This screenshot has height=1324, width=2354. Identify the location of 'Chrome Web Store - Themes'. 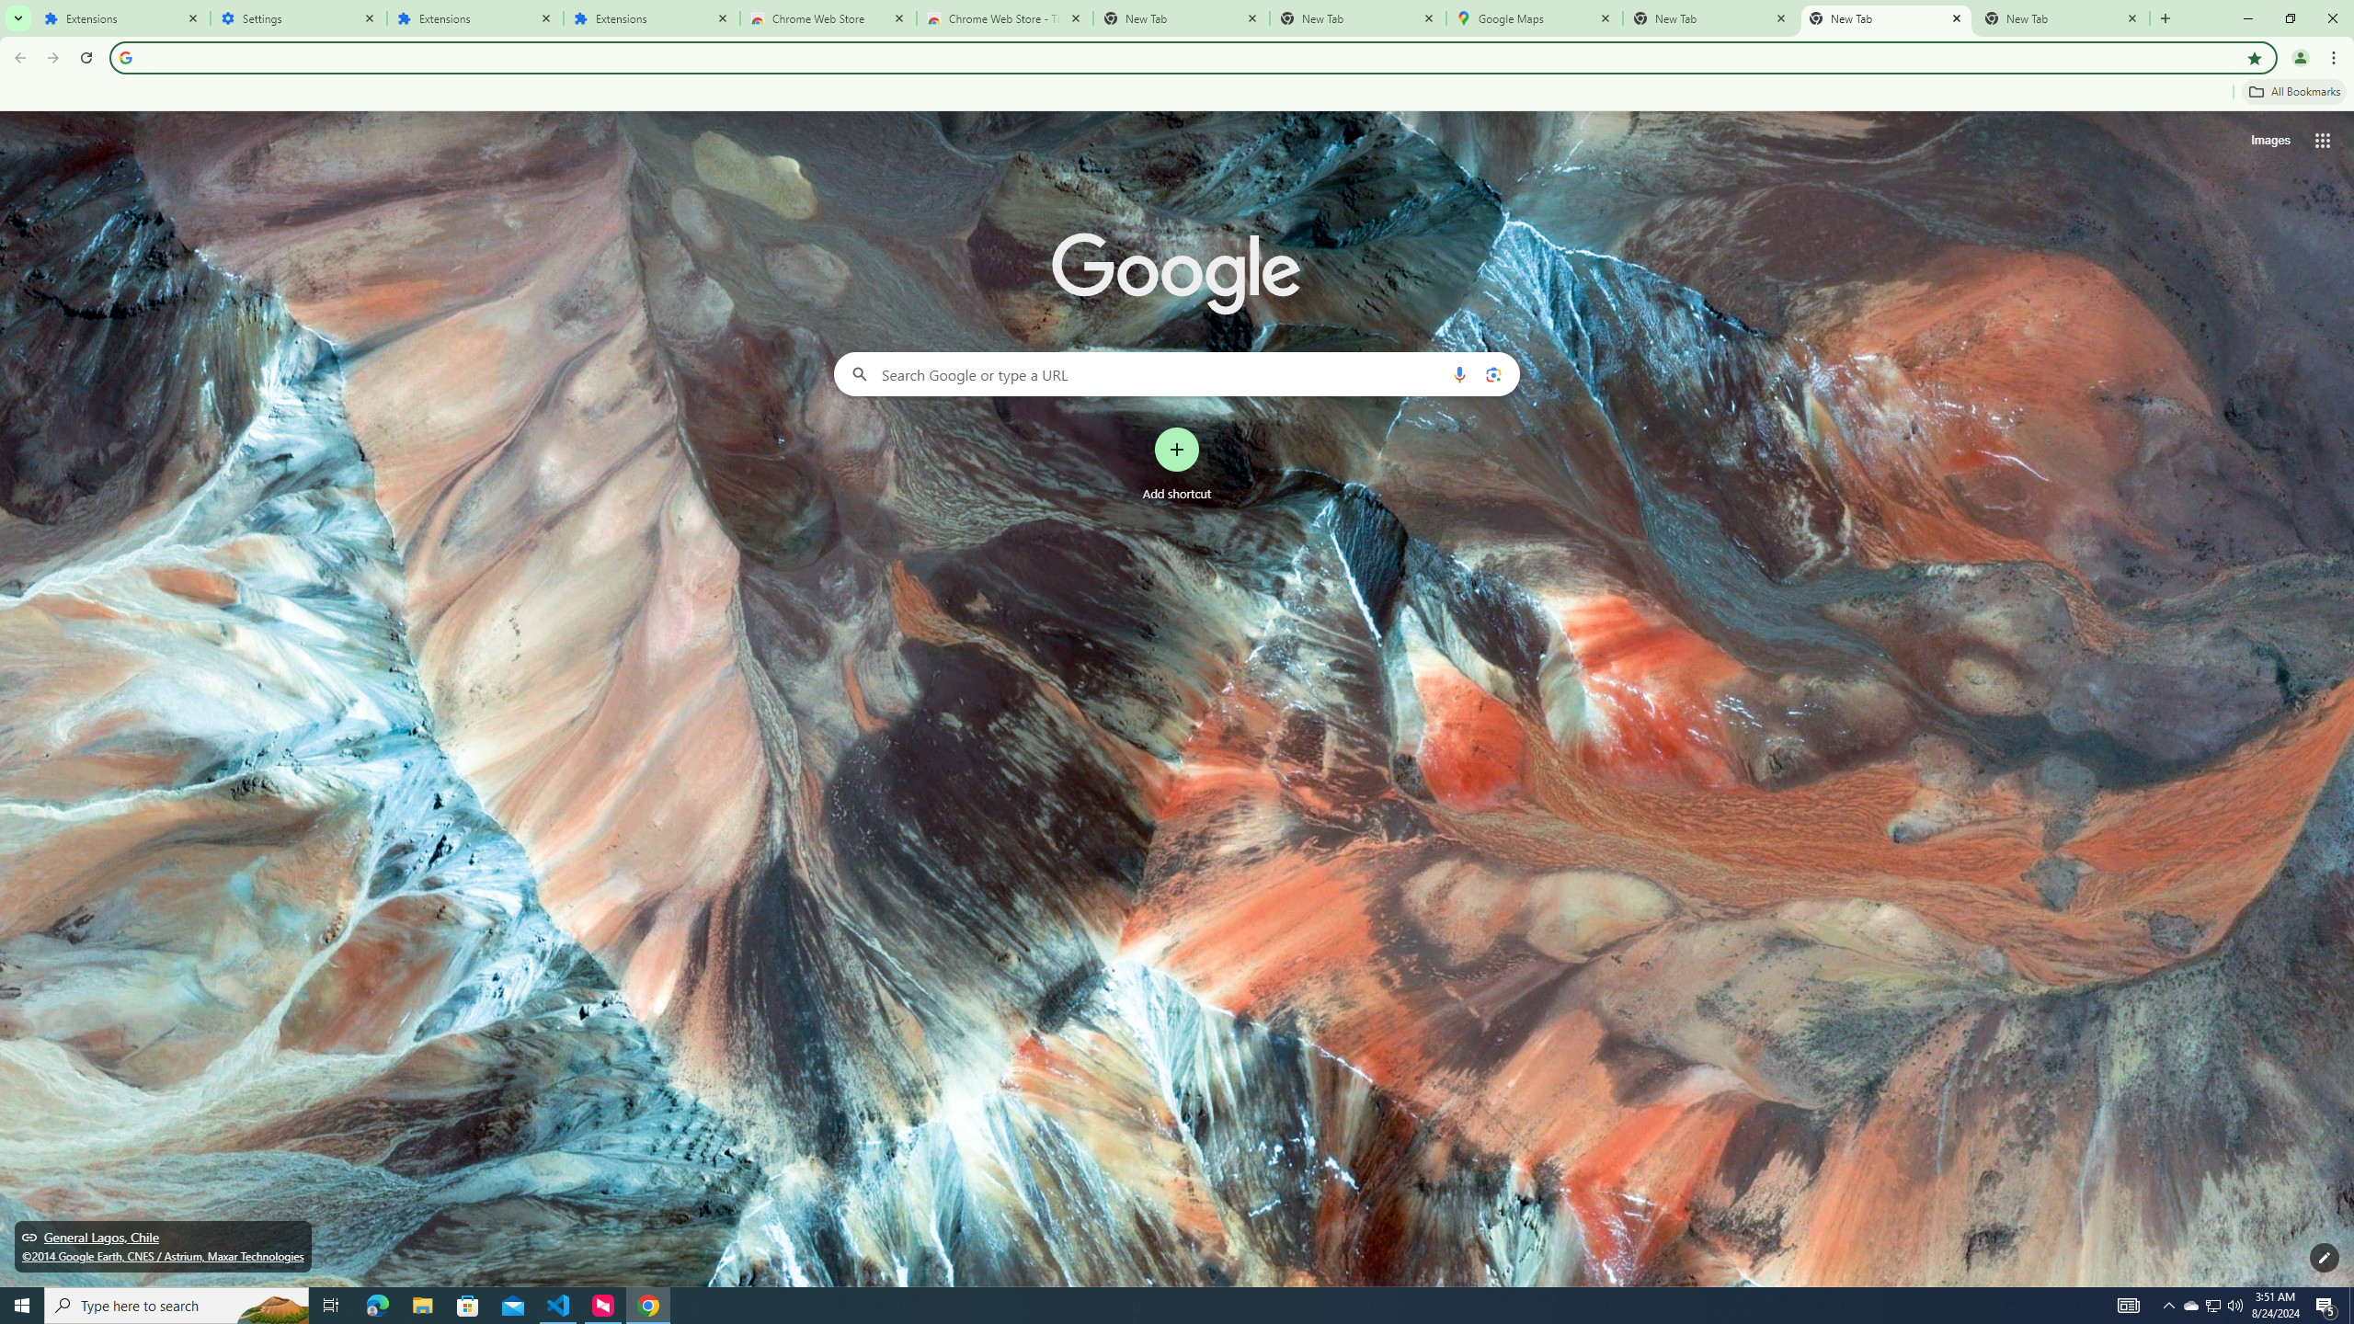
(1004, 17).